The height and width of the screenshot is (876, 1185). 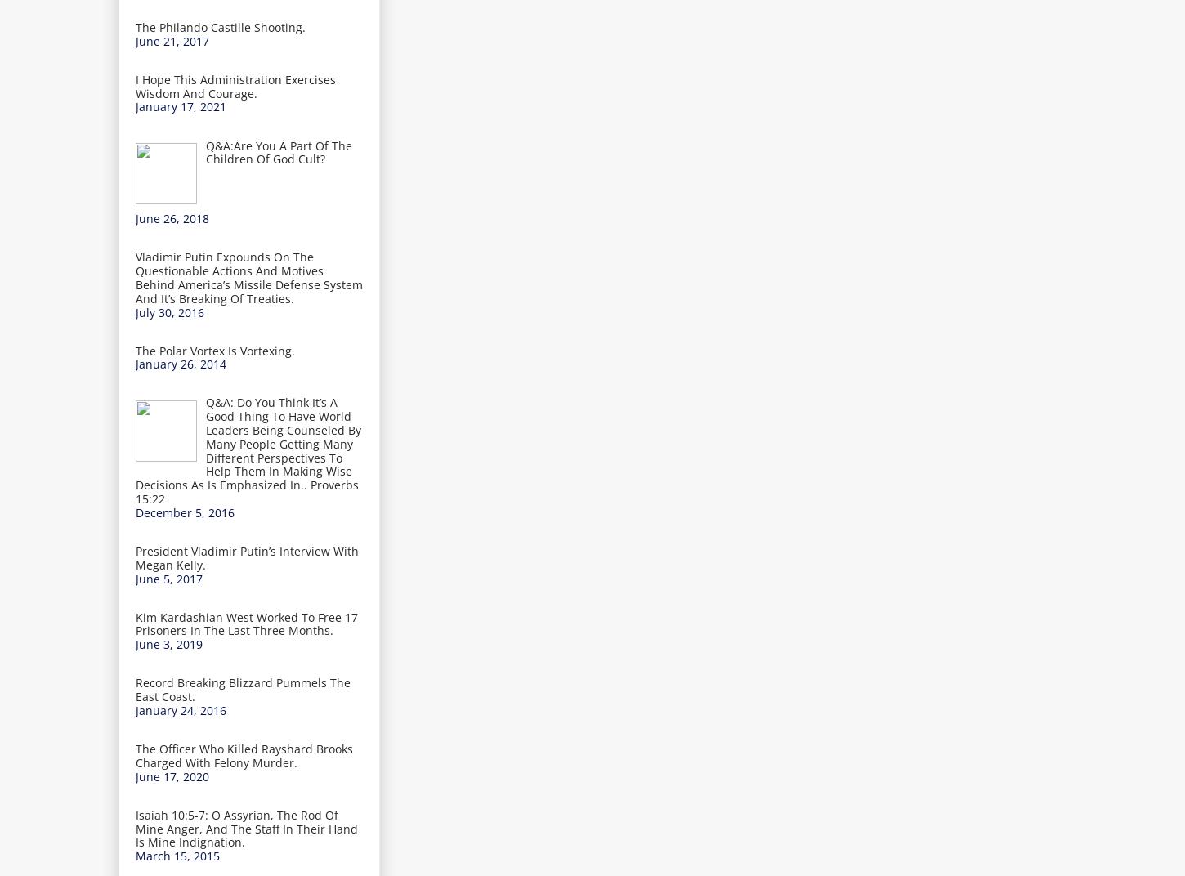 I want to click on 'I Hope This Administration Exercises Wisdom And Courage.', so click(x=235, y=85).